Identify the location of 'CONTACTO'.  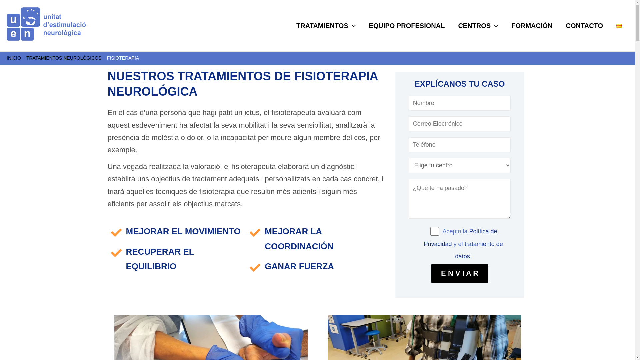
(559, 25).